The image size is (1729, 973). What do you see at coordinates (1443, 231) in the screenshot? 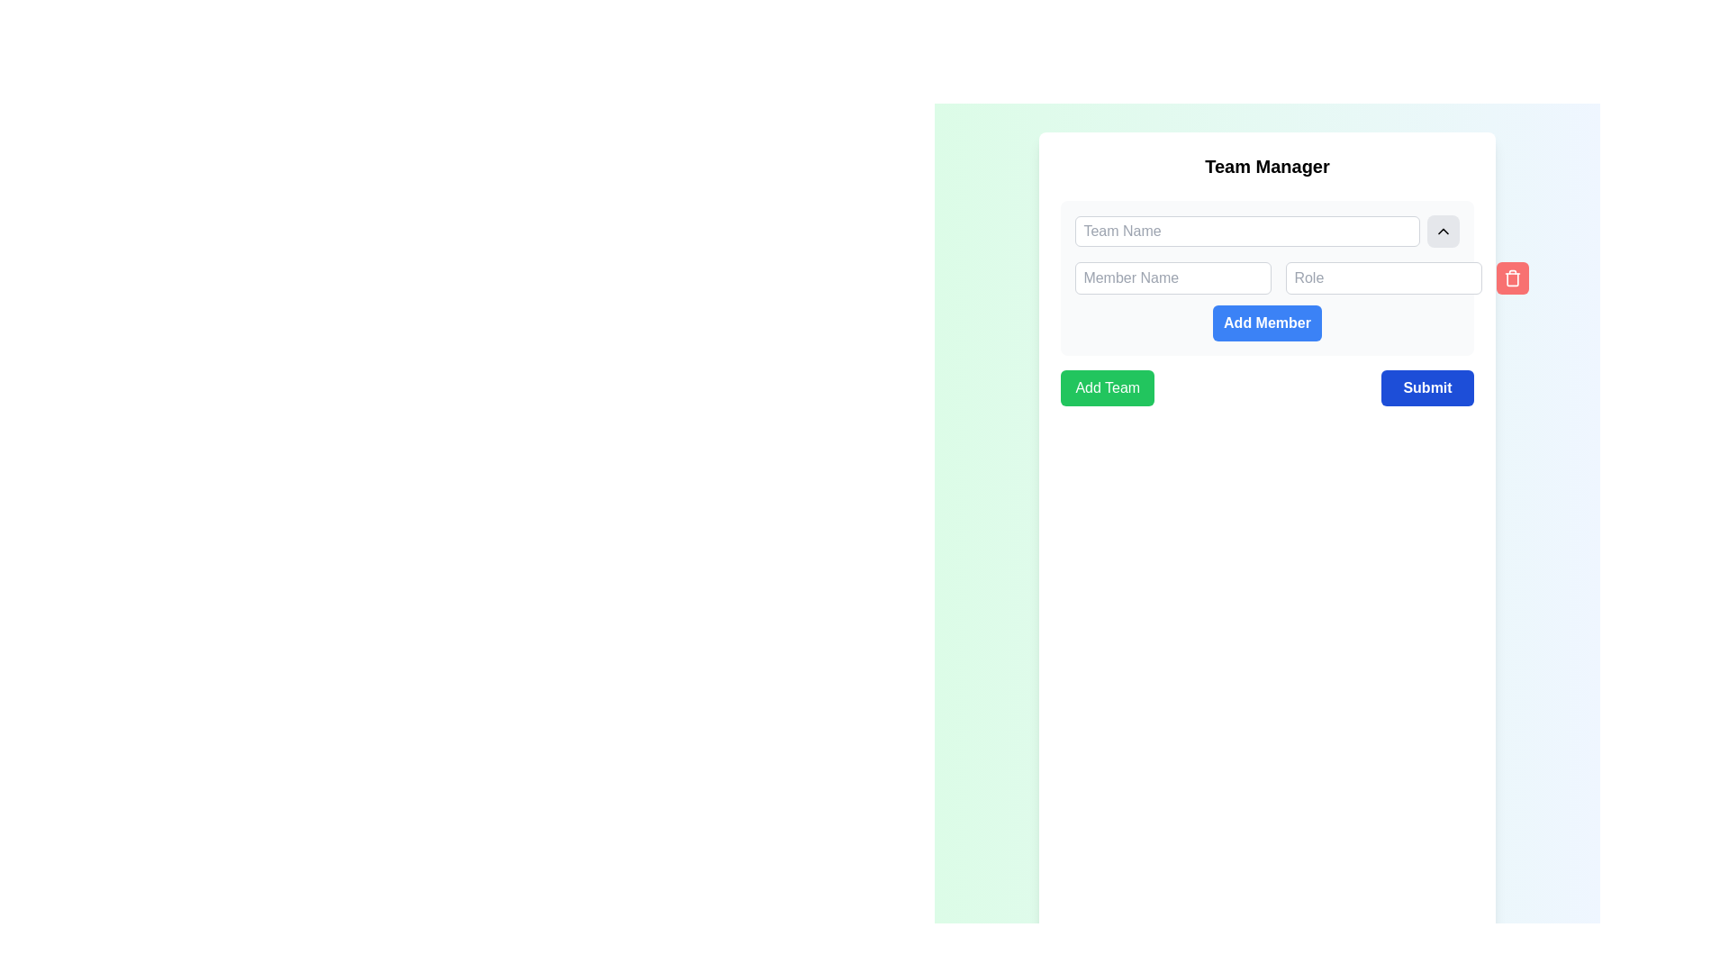
I see `the button located to the right of the 'Team Name' text input field` at bounding box center [1443, 231].